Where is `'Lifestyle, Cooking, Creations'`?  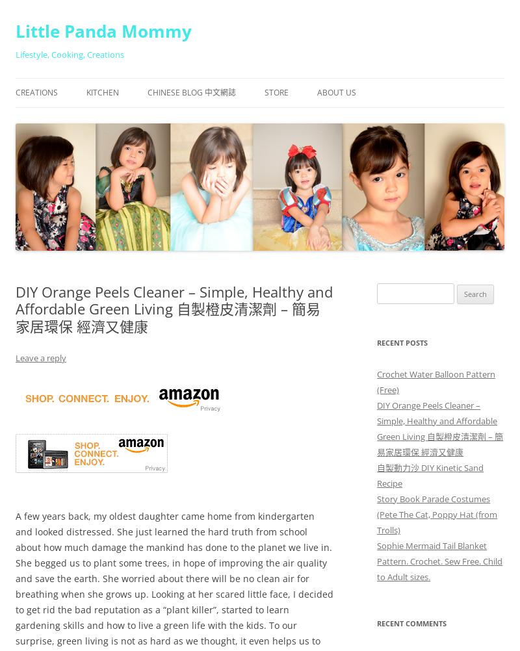
'Lifestyle, Cooking, Creations' is located at coordinates (69, 54).